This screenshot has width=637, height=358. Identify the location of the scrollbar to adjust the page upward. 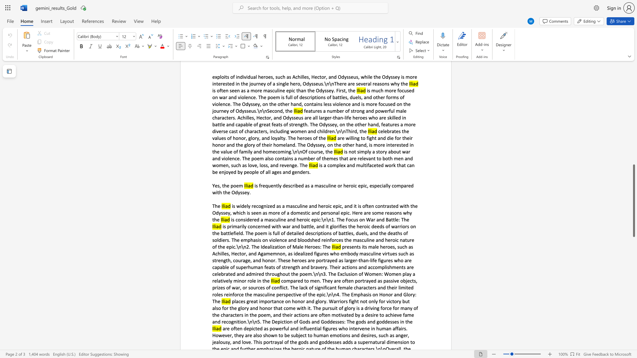
(633, 99).